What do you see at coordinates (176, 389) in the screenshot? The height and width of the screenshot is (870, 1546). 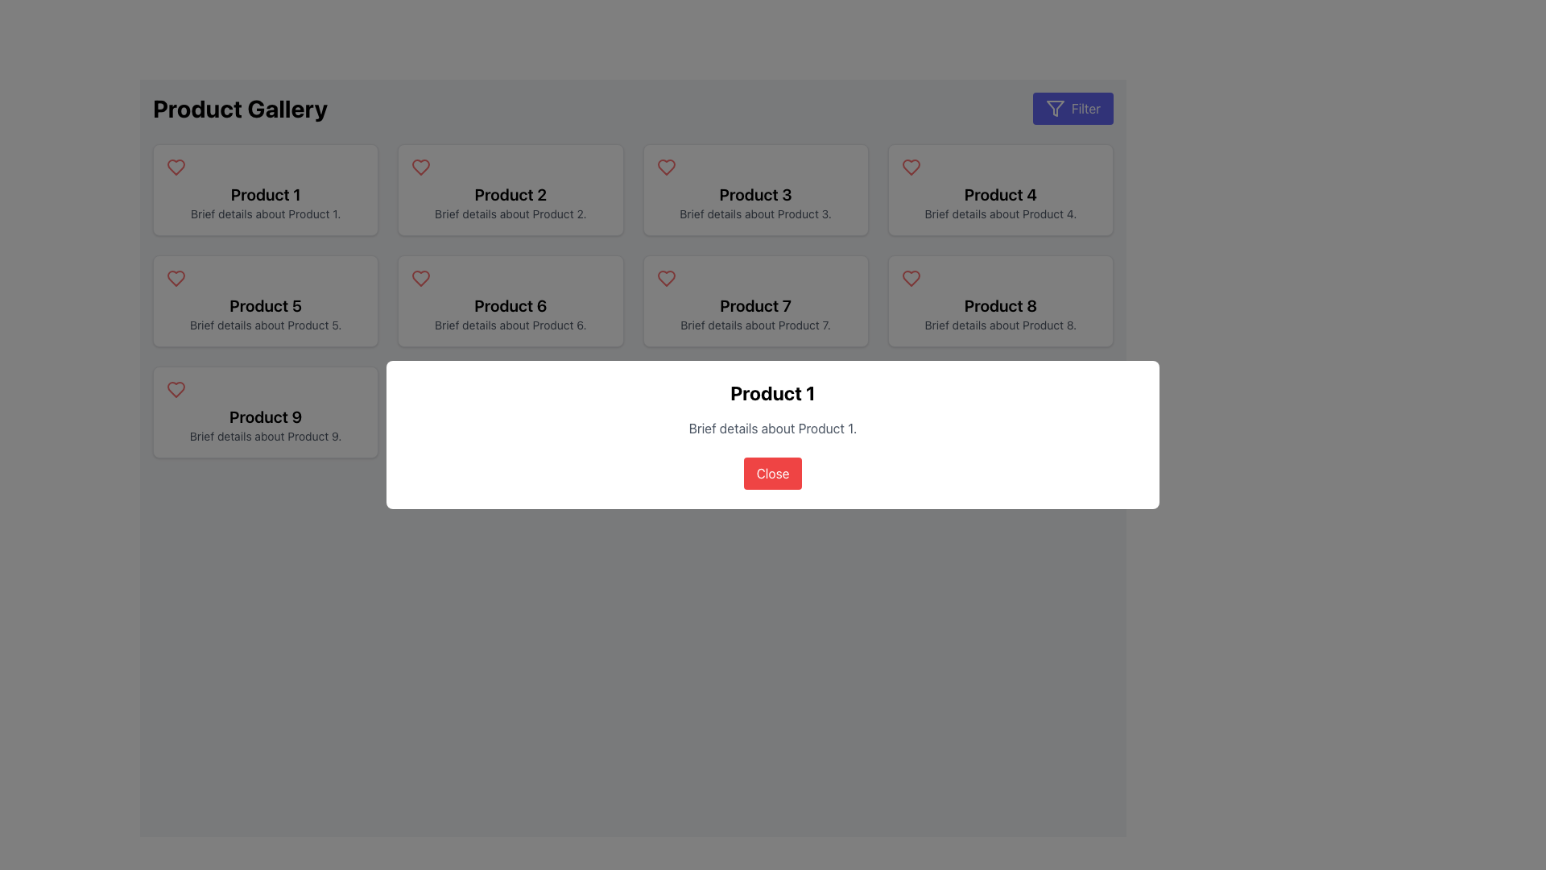 I see `the Icon Button located in the bottom row of the product grid for 'Product 9'` at bounding box center [176, 389].